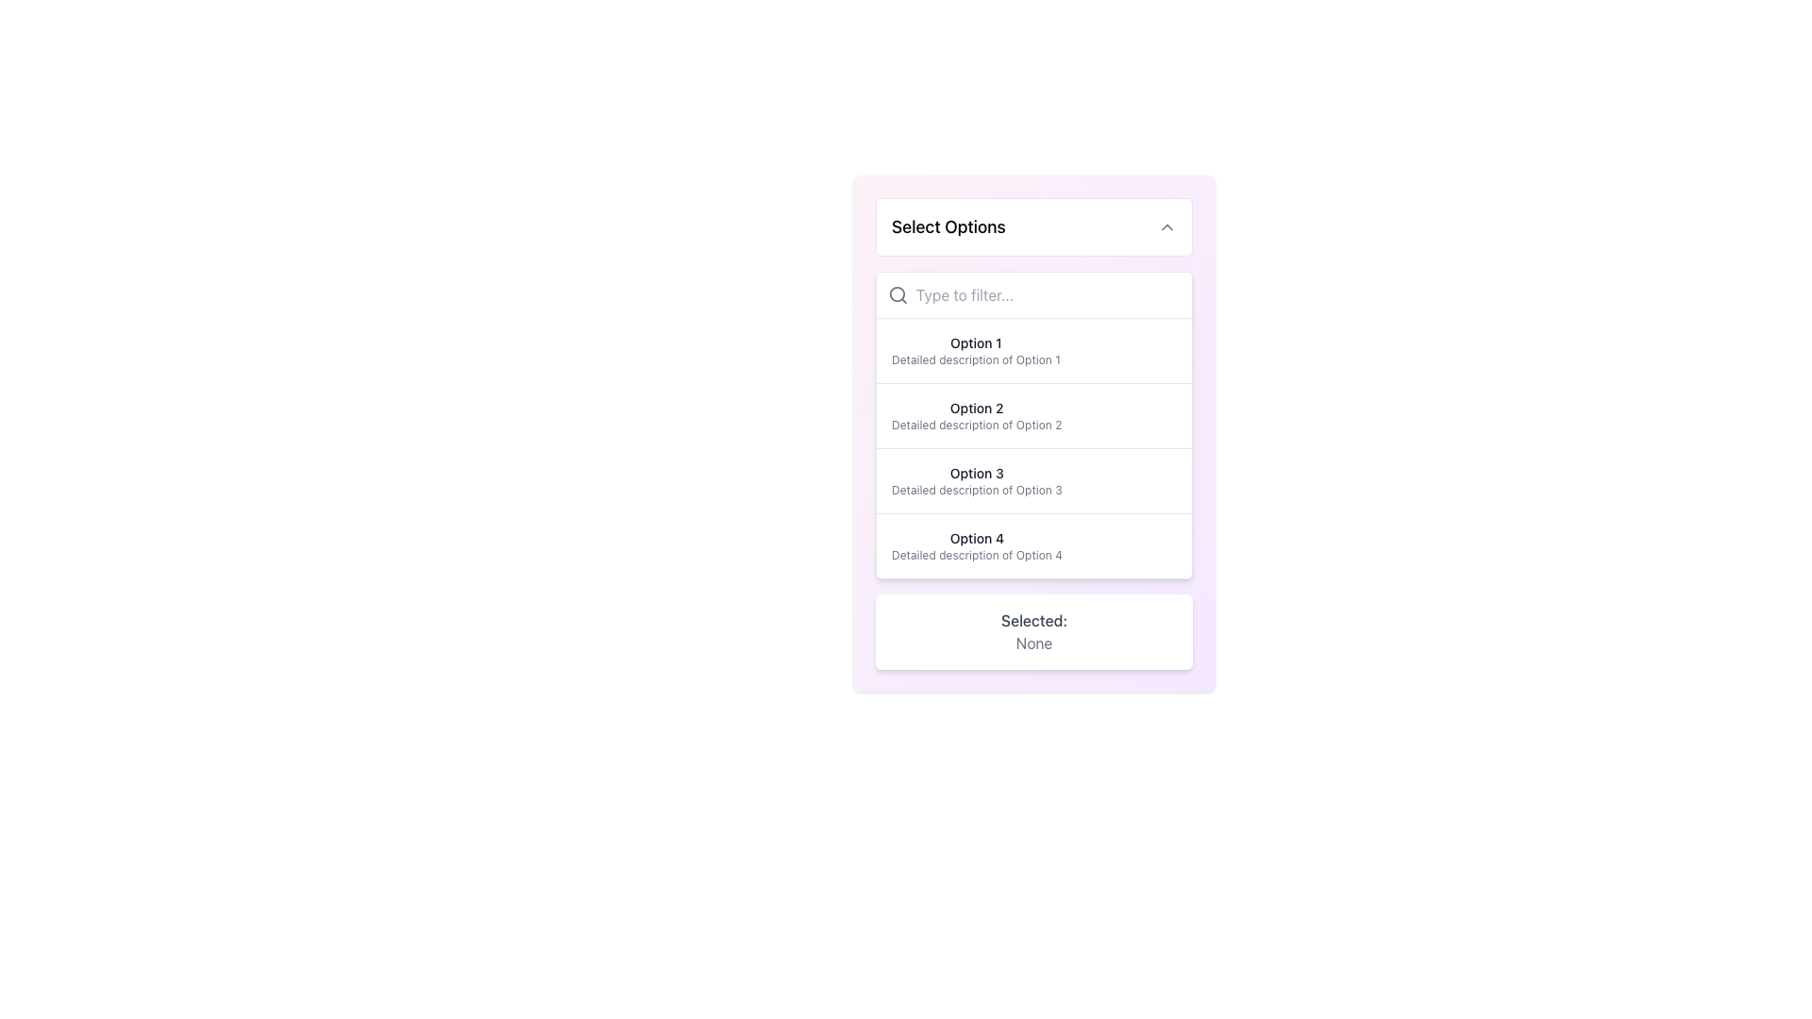 This screenshot has height=1019, width=1812. Describe the element at coordinates (1032, 545) in the screenshot. I see `the fourth item in the vertically arranged list of selectable options, which changes its background color to indicate interactivity` at that location.